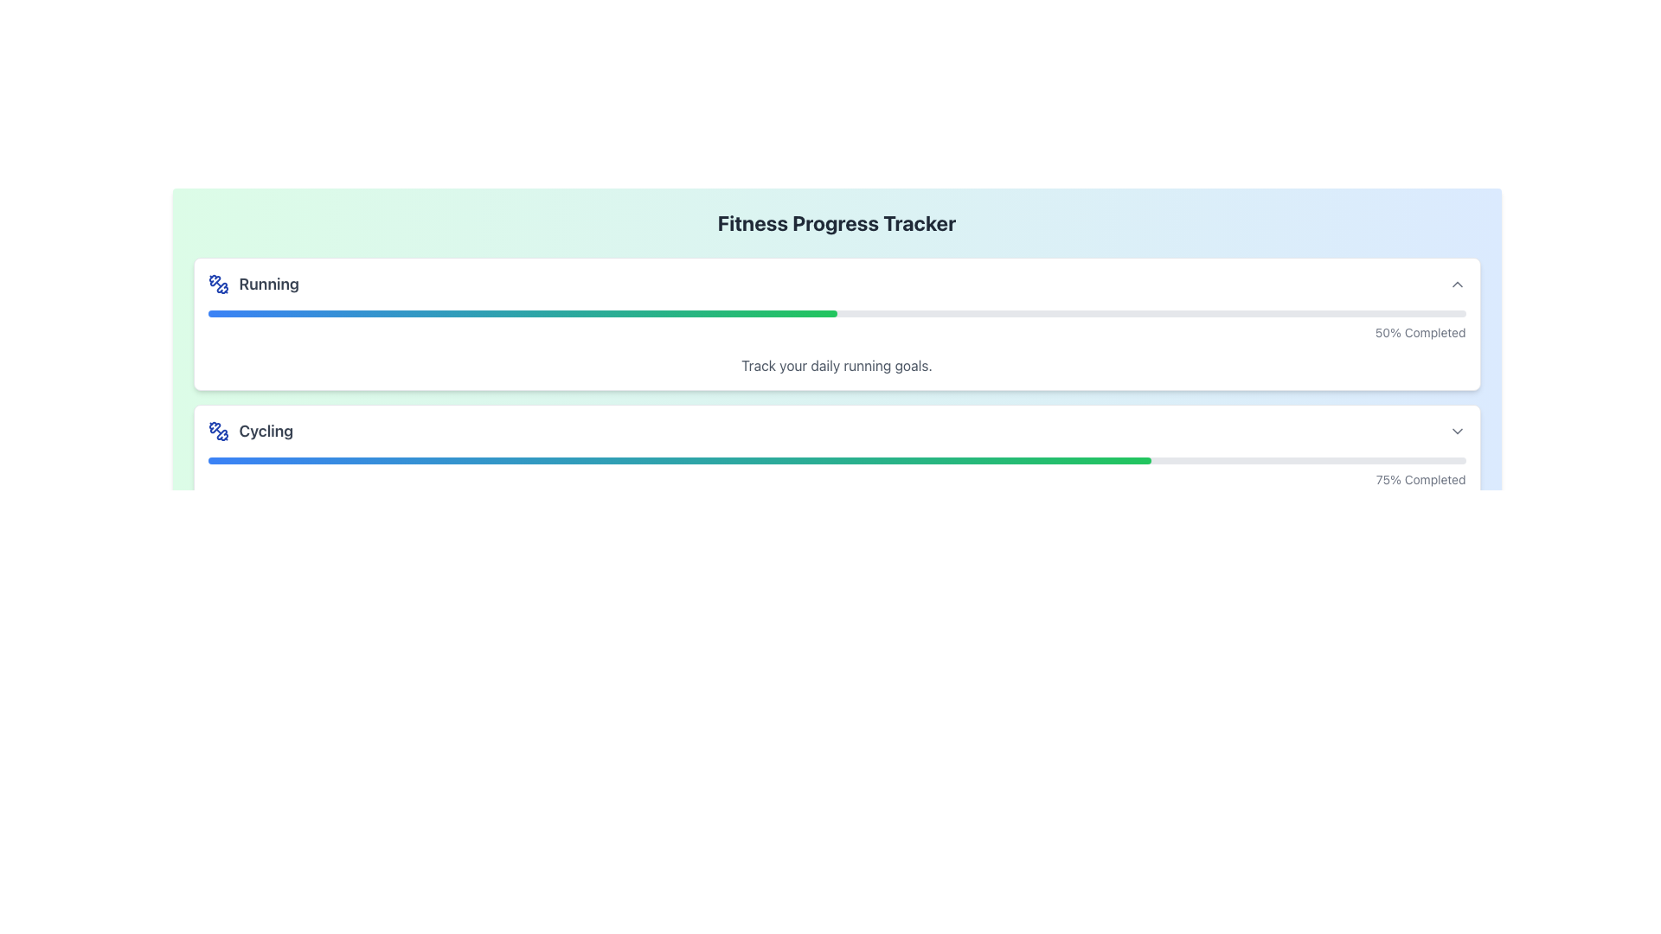  I want to click on the 'Running' Text Label, so click(253, 283).